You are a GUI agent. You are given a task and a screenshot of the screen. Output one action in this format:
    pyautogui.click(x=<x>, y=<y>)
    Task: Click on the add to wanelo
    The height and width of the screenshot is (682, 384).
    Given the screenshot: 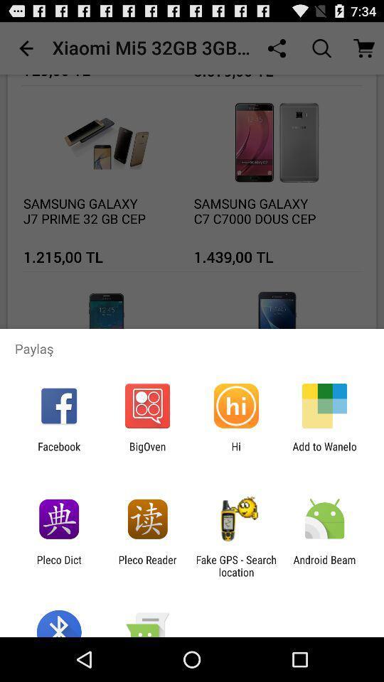 What is the action you would take?
    pyautogui.click(x=324, y=452)
    